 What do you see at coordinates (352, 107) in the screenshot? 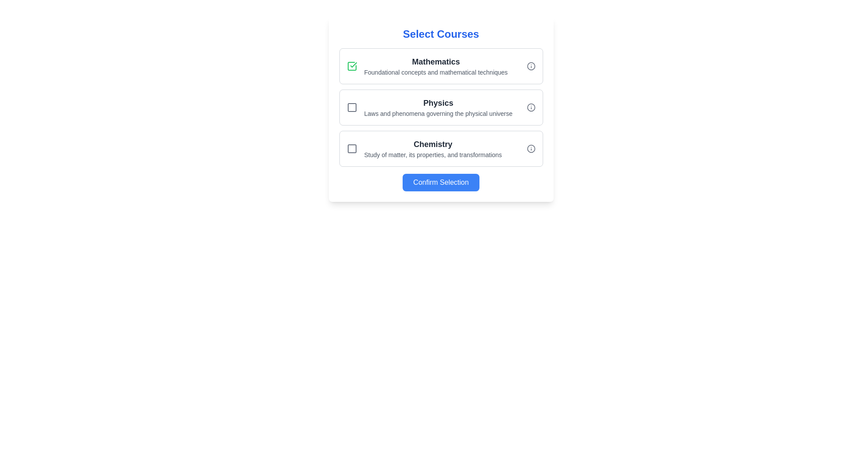
I see `the checkbox for the 'Physics' course selection option` at bounding box center [352, 107].